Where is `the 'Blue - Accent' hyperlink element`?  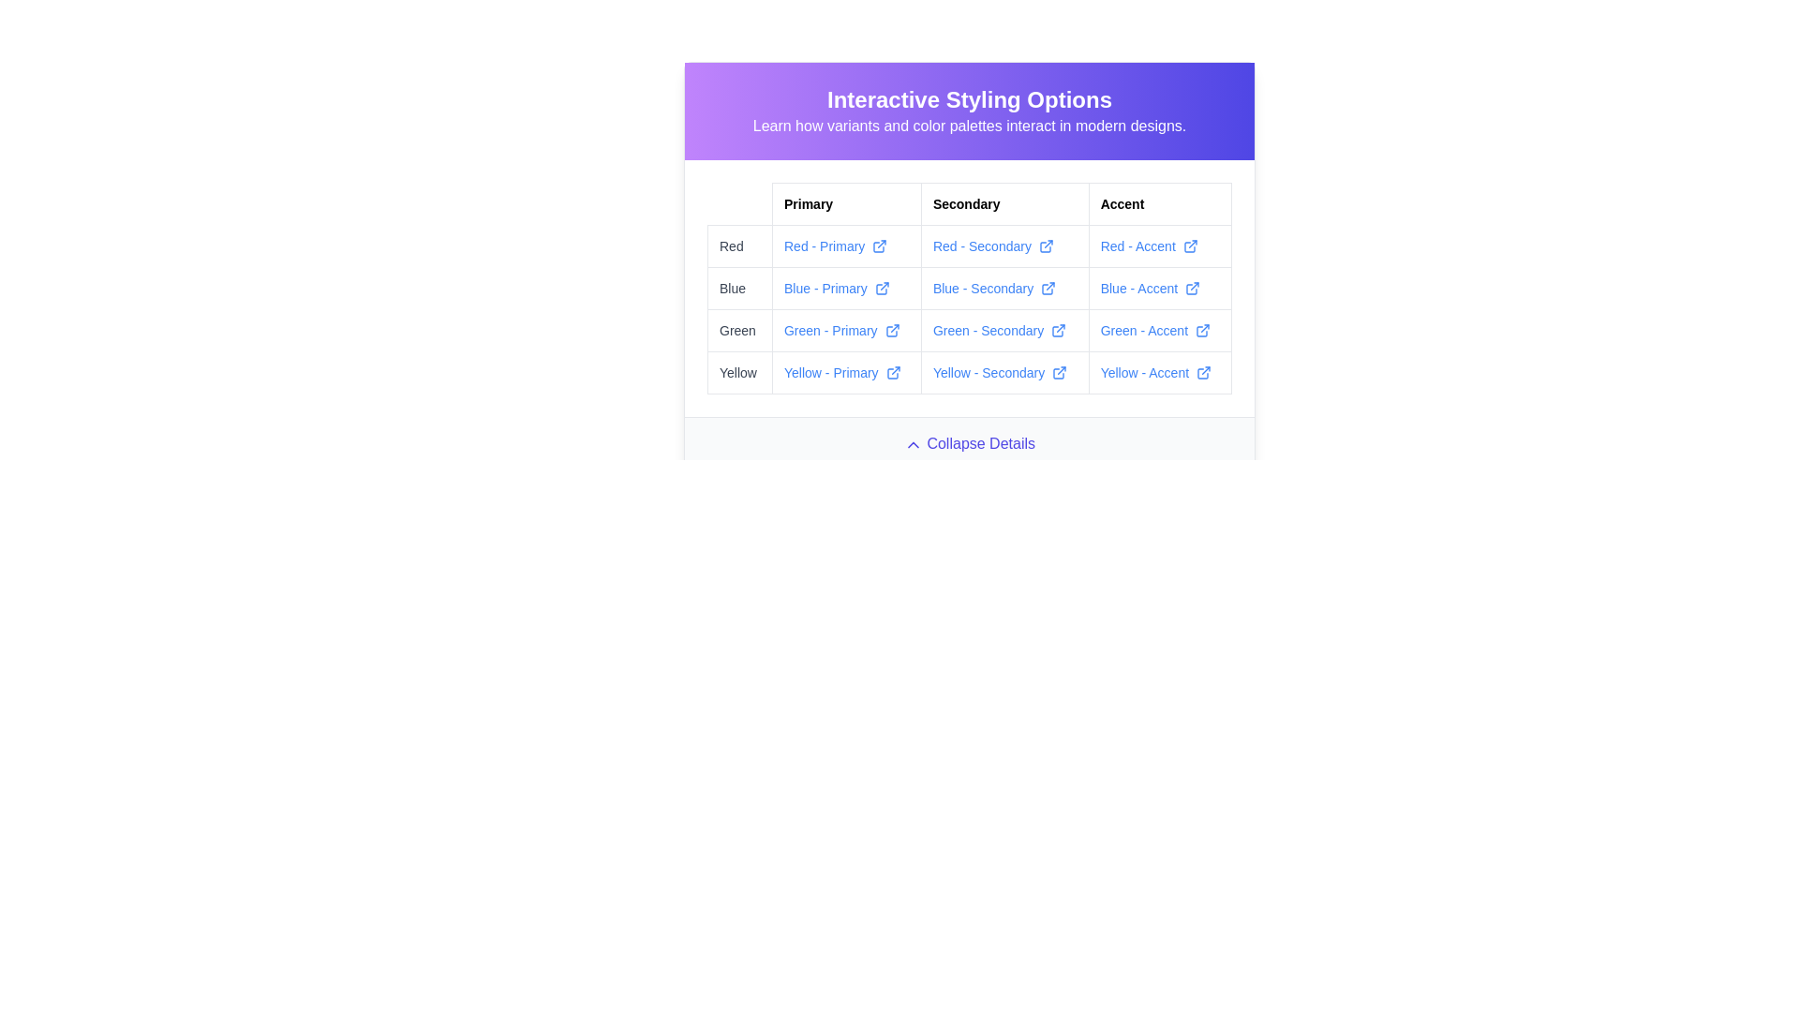
the 'Blue - Accent' hyperlink element is located at coordinates (1149, 289).